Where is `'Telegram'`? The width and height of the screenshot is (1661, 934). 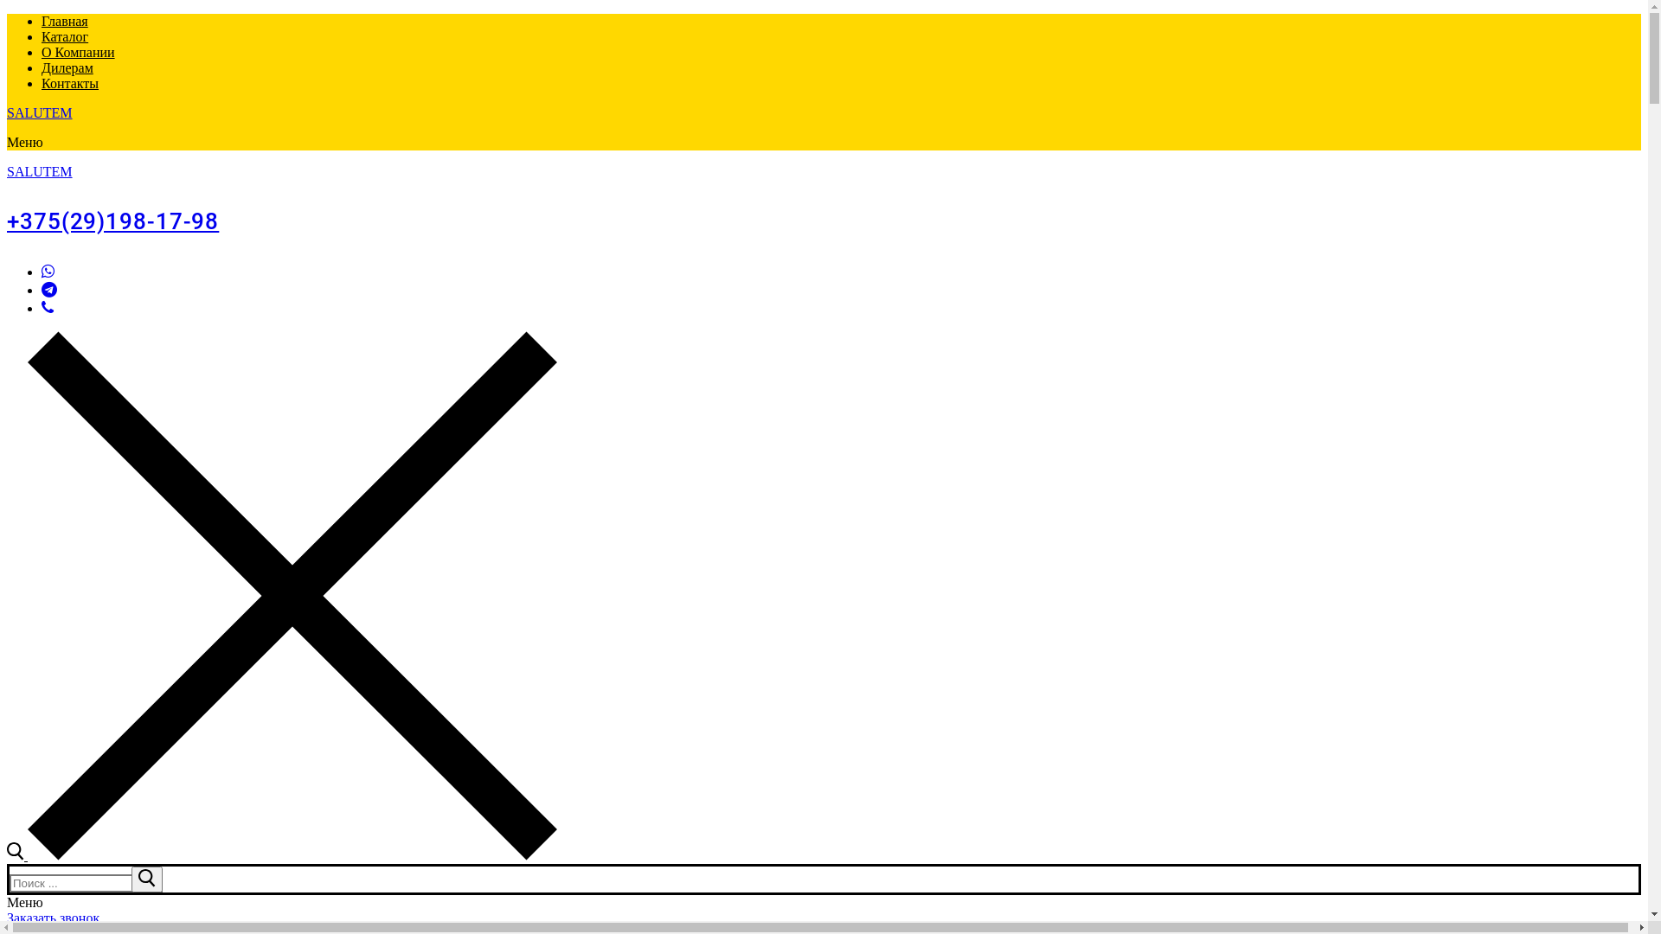
'Telegram' is located at coordinates (49, 289).